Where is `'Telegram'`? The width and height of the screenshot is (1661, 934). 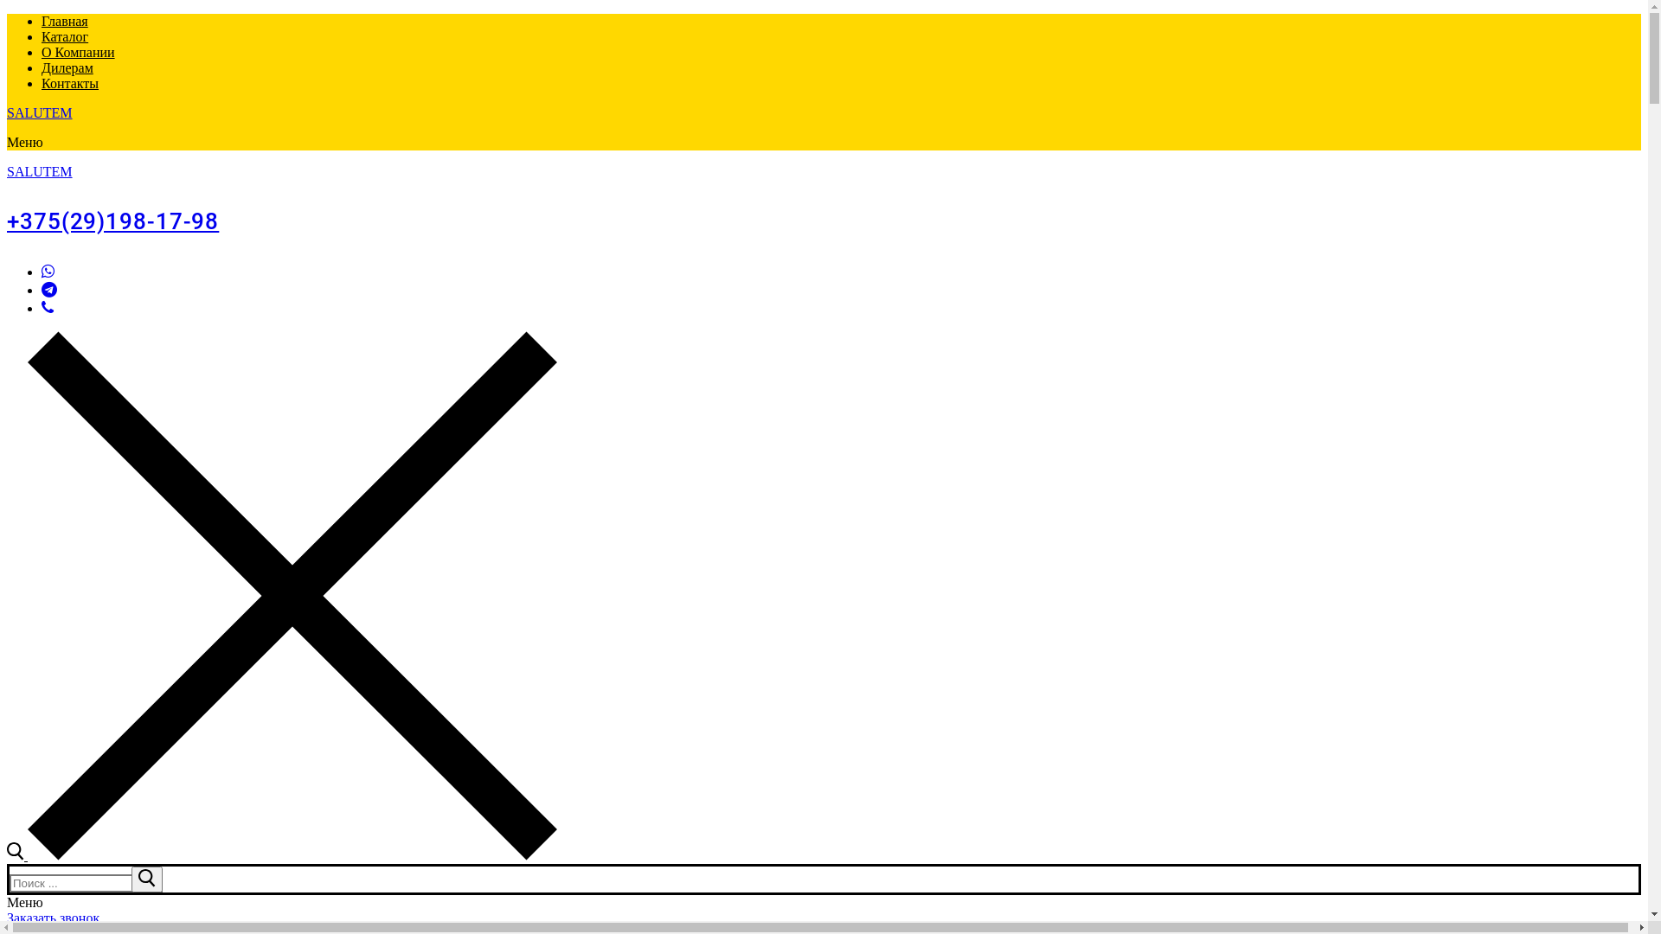
'Telegram' is located at coordinates (49, 289).